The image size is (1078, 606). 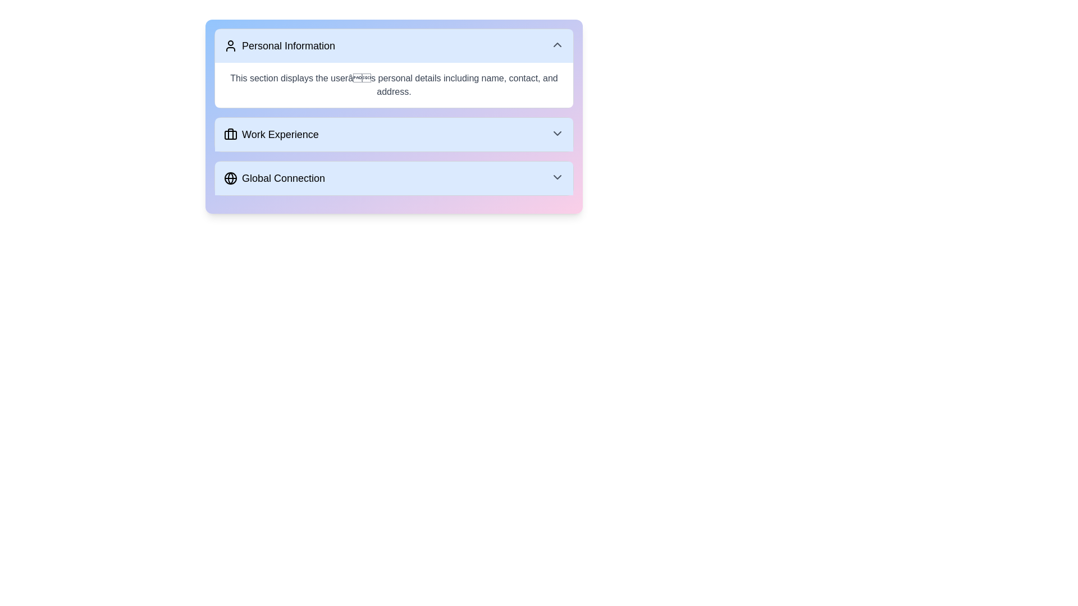 What do you see at coordinates (275, 177) in the screenshot?
I see `the 'Global Connection' text label located in the 'Work Experience' section, which features a globe icon on its left side and is styled in bold dark font` at bounding box center [275, 177].